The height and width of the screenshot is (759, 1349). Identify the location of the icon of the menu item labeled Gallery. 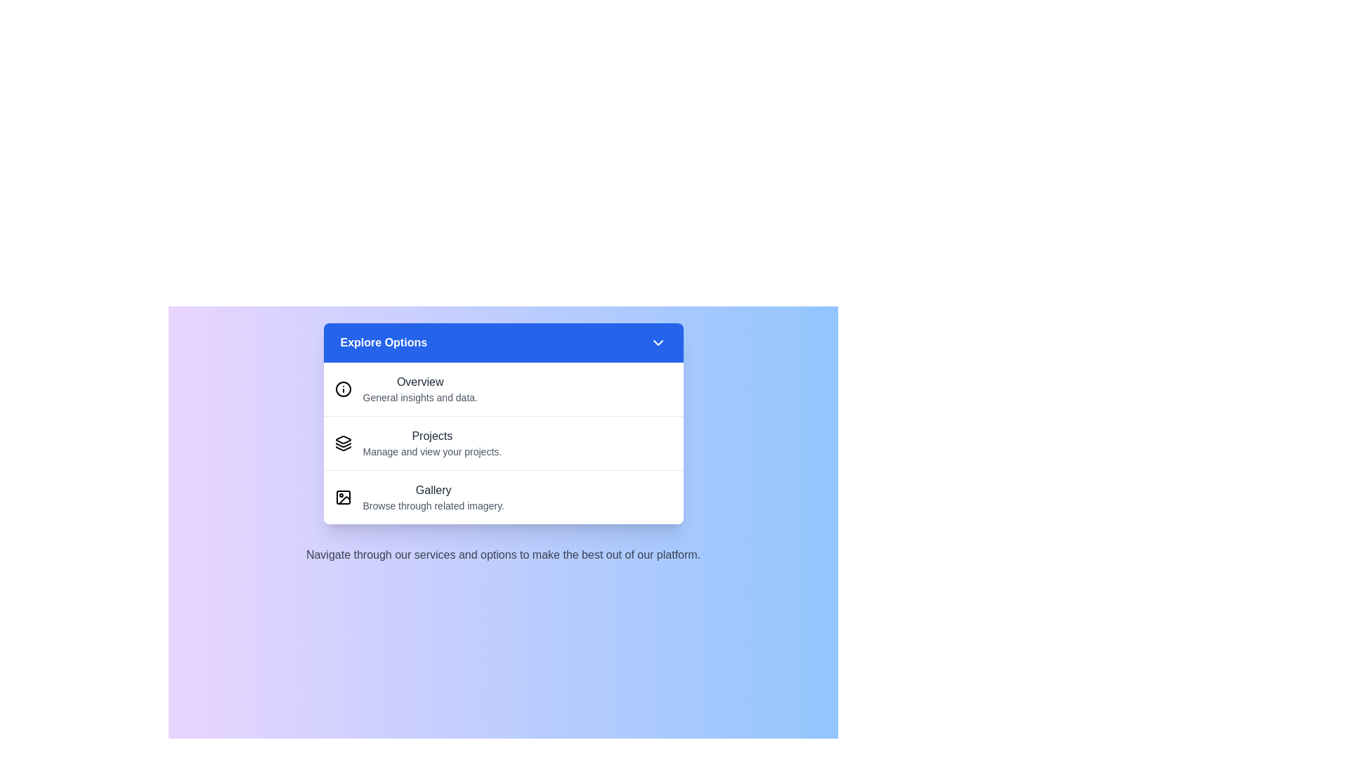
(343, 497).